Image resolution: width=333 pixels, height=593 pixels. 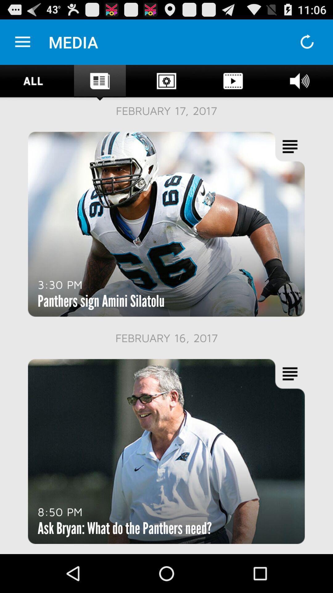 I want to click on menu button, so click(x=22, y=42).